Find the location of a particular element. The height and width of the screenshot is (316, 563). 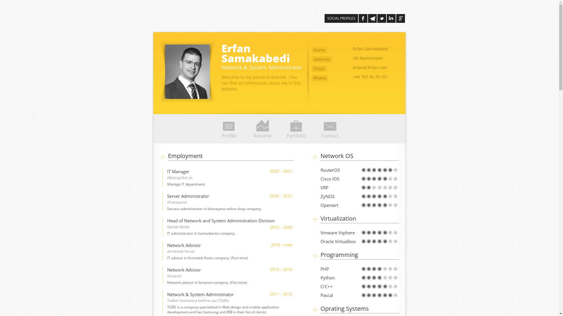

'Portfolio' is located at coordinates (296, 126).